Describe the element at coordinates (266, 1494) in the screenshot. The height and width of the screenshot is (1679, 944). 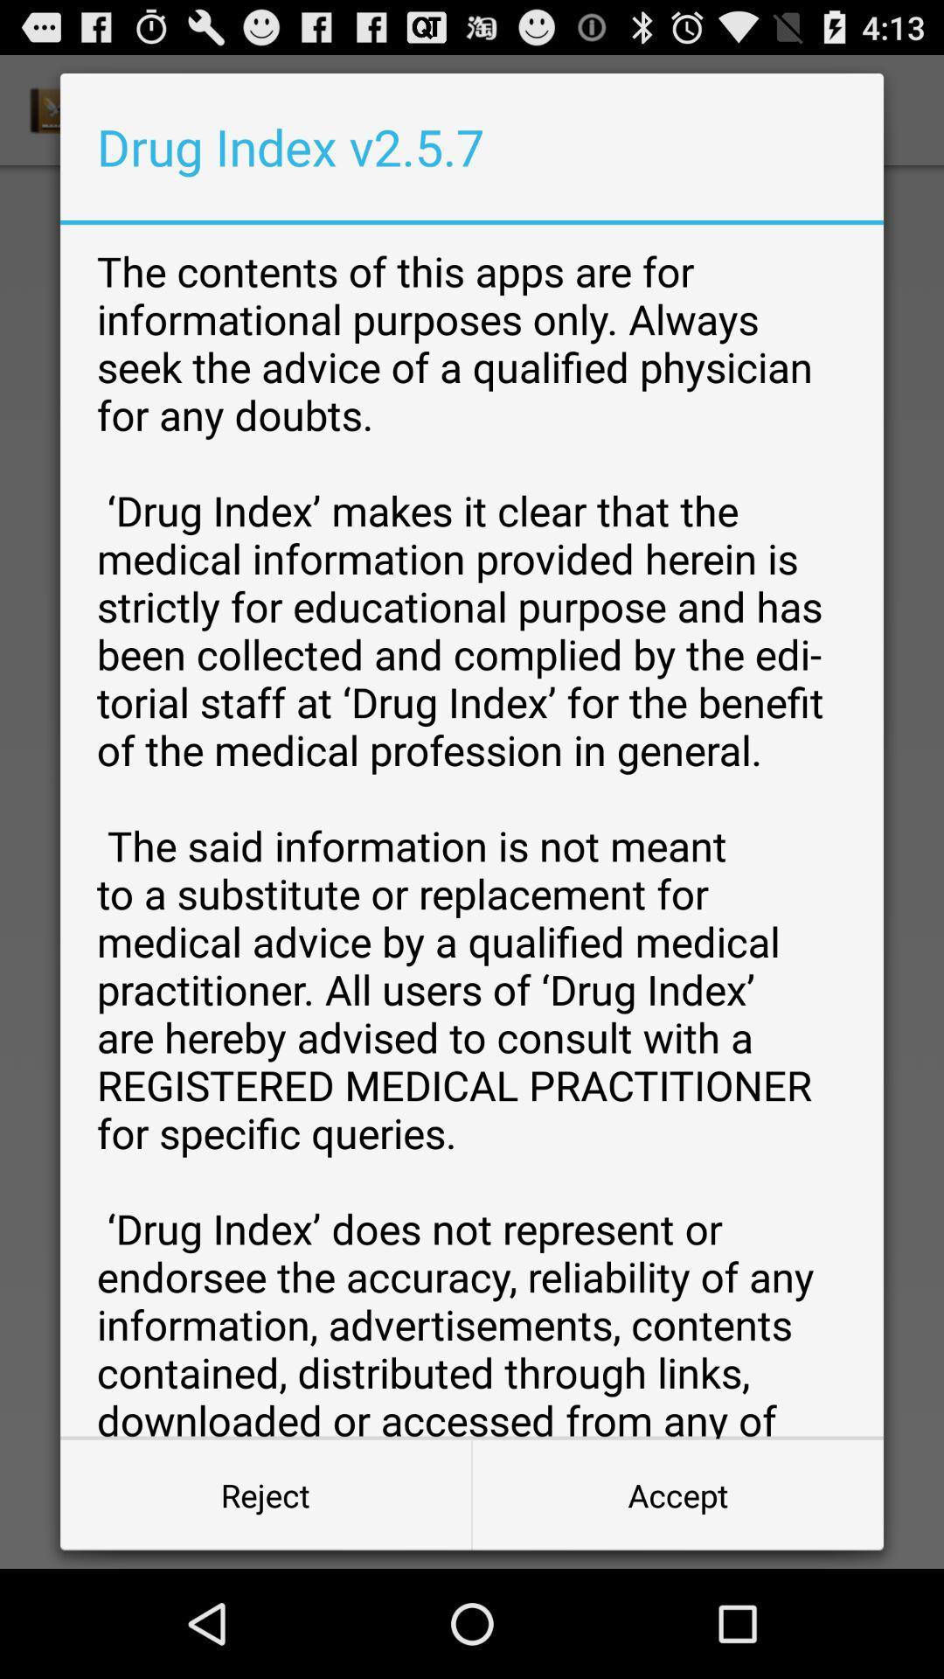
I see `button next to accept` at that location.